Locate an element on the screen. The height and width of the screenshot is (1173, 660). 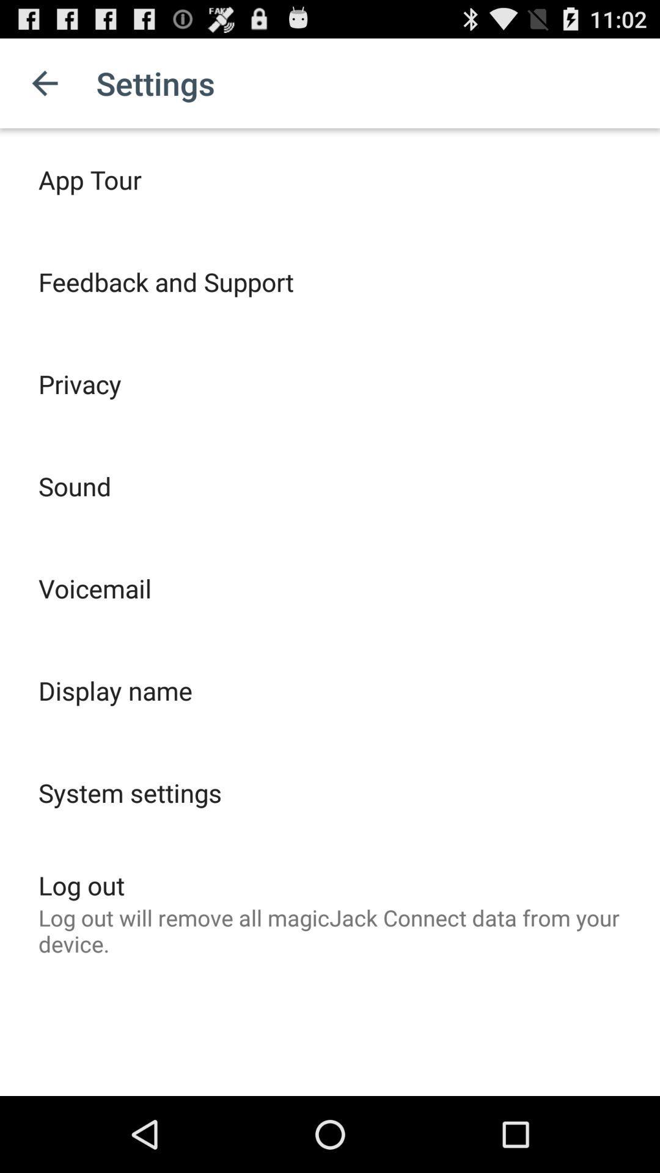
sound item is located at coordinates (75, 485).